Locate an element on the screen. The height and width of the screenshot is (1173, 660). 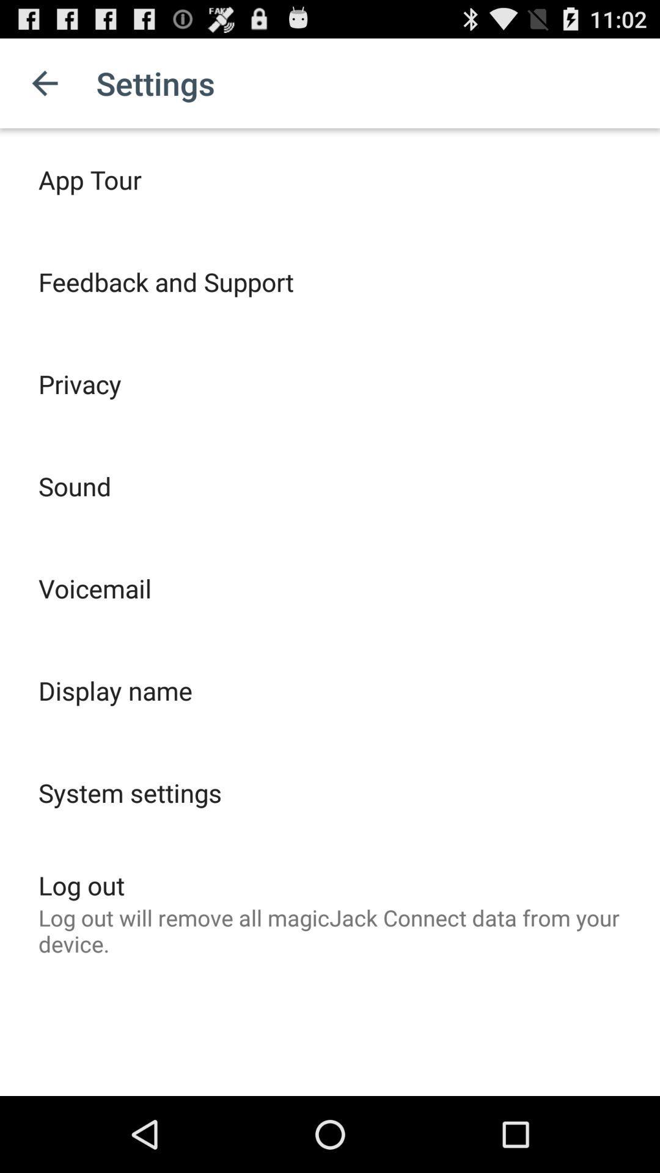
sound item is located at coordinates (75, 485).